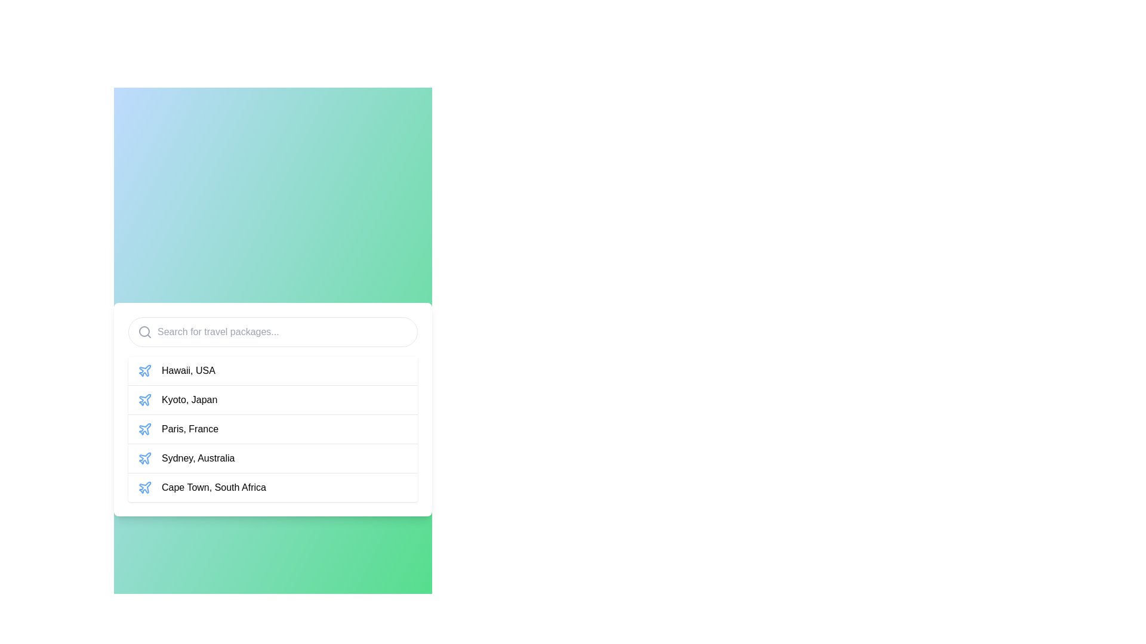  Describe the element at coordinates (272, 400) in the screenshot. I see `the selectable destination option for 'Kyoto, Japan'` at that location.